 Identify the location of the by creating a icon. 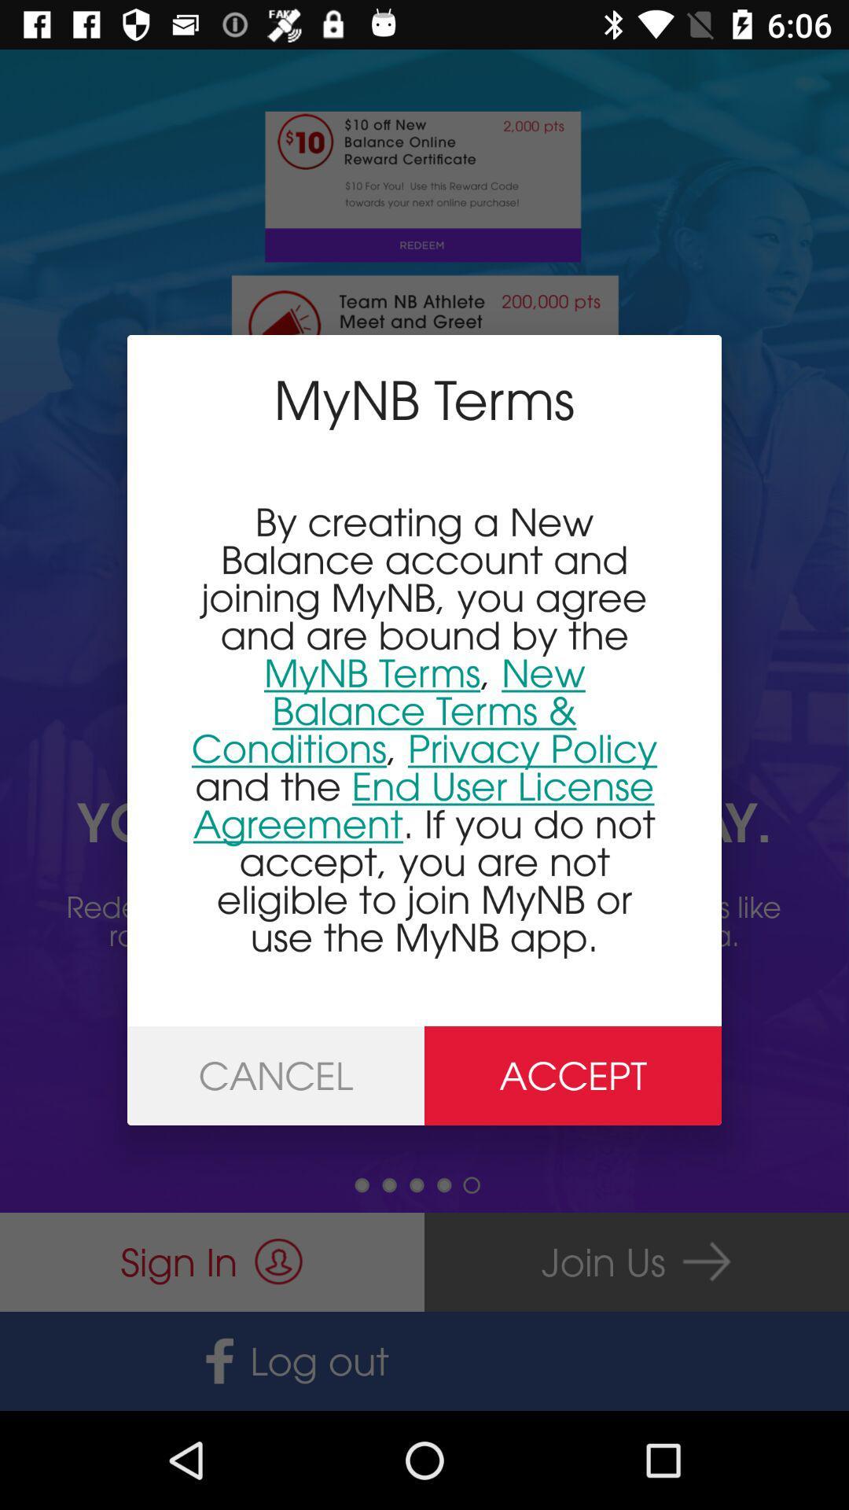
(424, 728).